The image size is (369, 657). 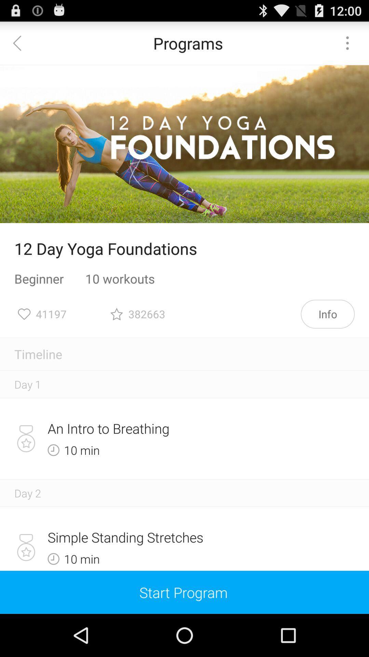 I want to click on item next to the programs item, so click(x=21, y=42).